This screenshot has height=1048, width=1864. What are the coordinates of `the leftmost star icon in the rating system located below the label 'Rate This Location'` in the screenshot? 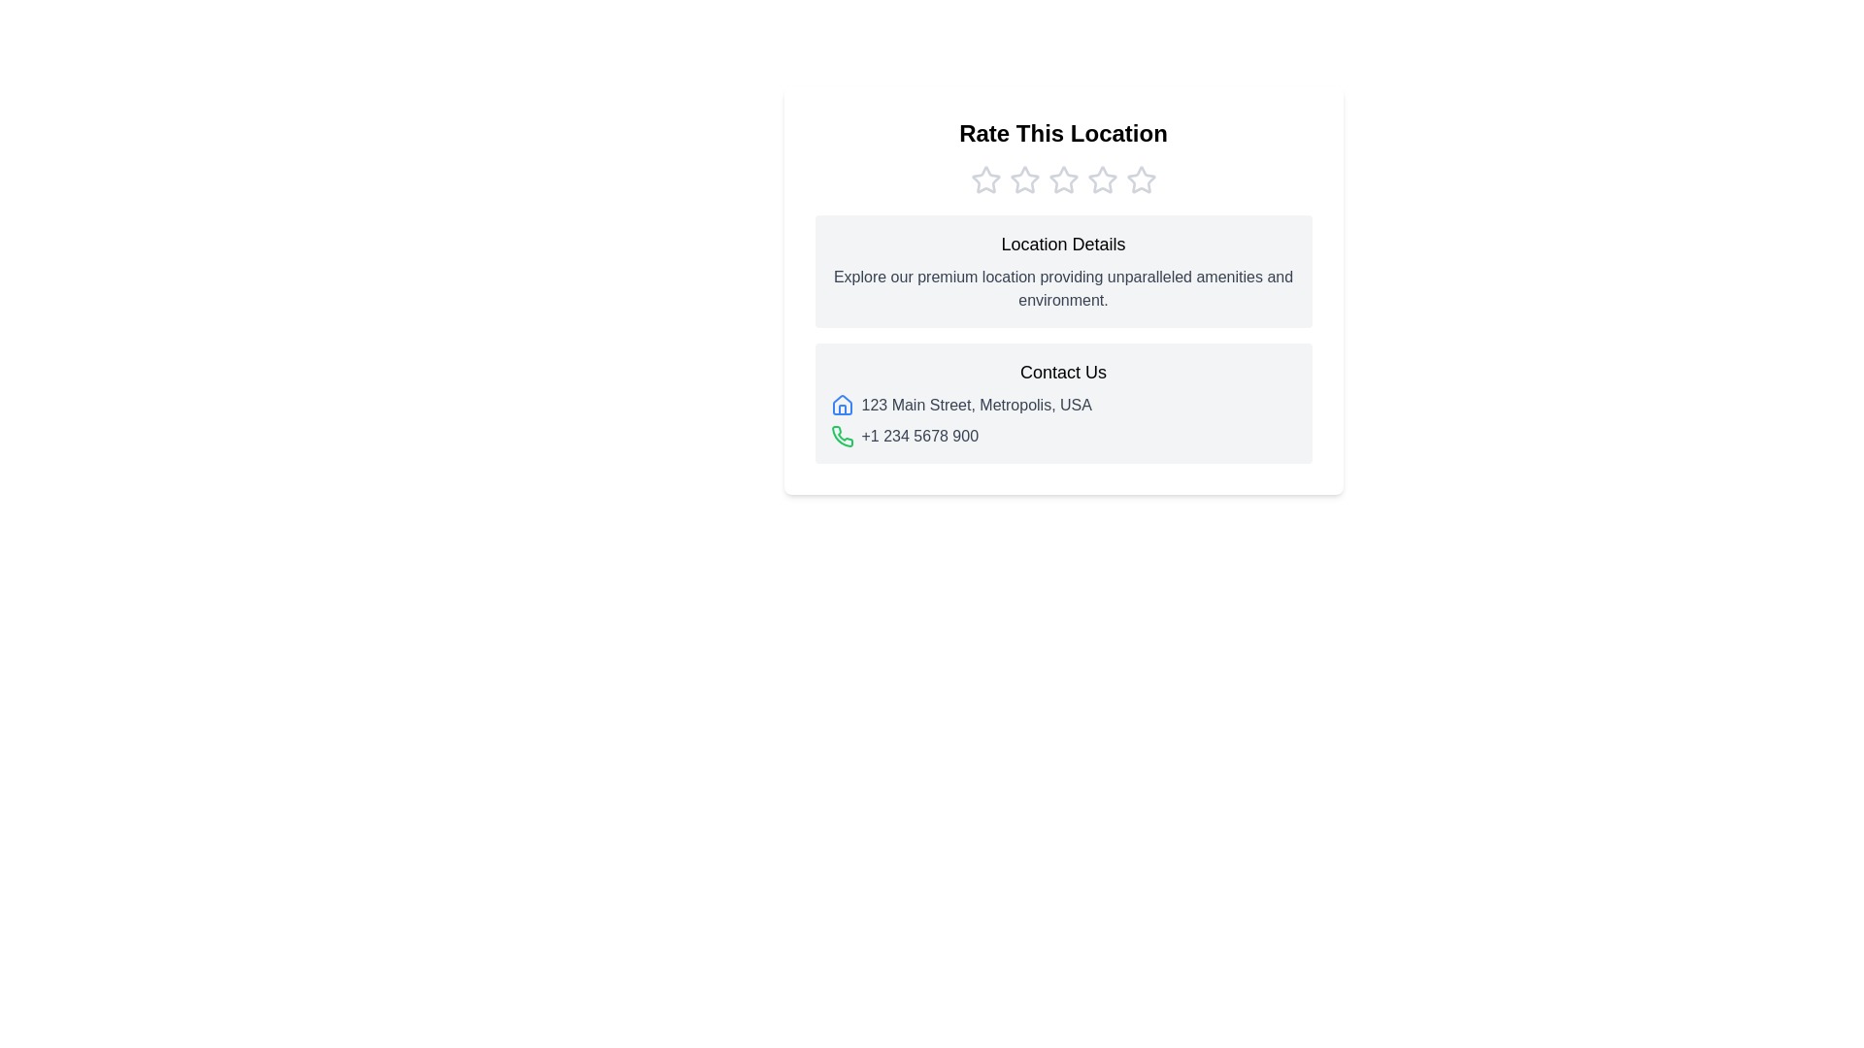 It's located at (985, 180).